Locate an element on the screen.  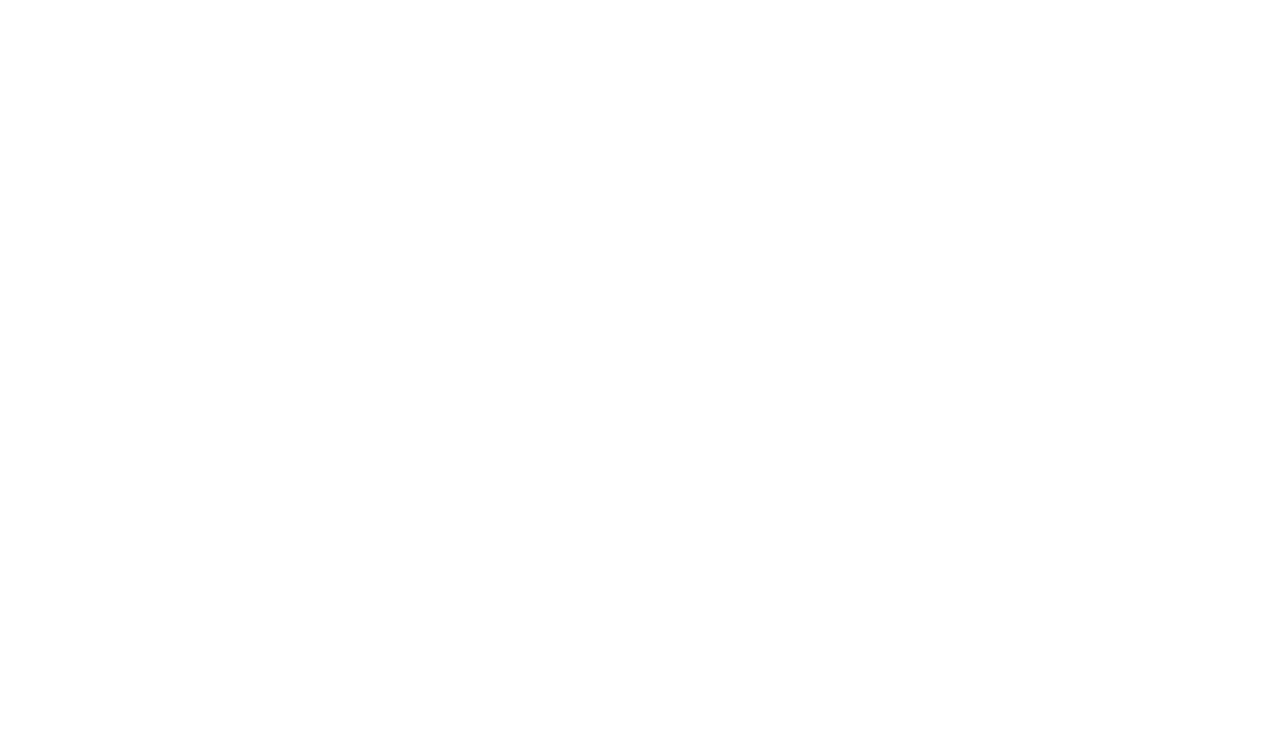
'Book now' is located at coordinates (1175, 30).